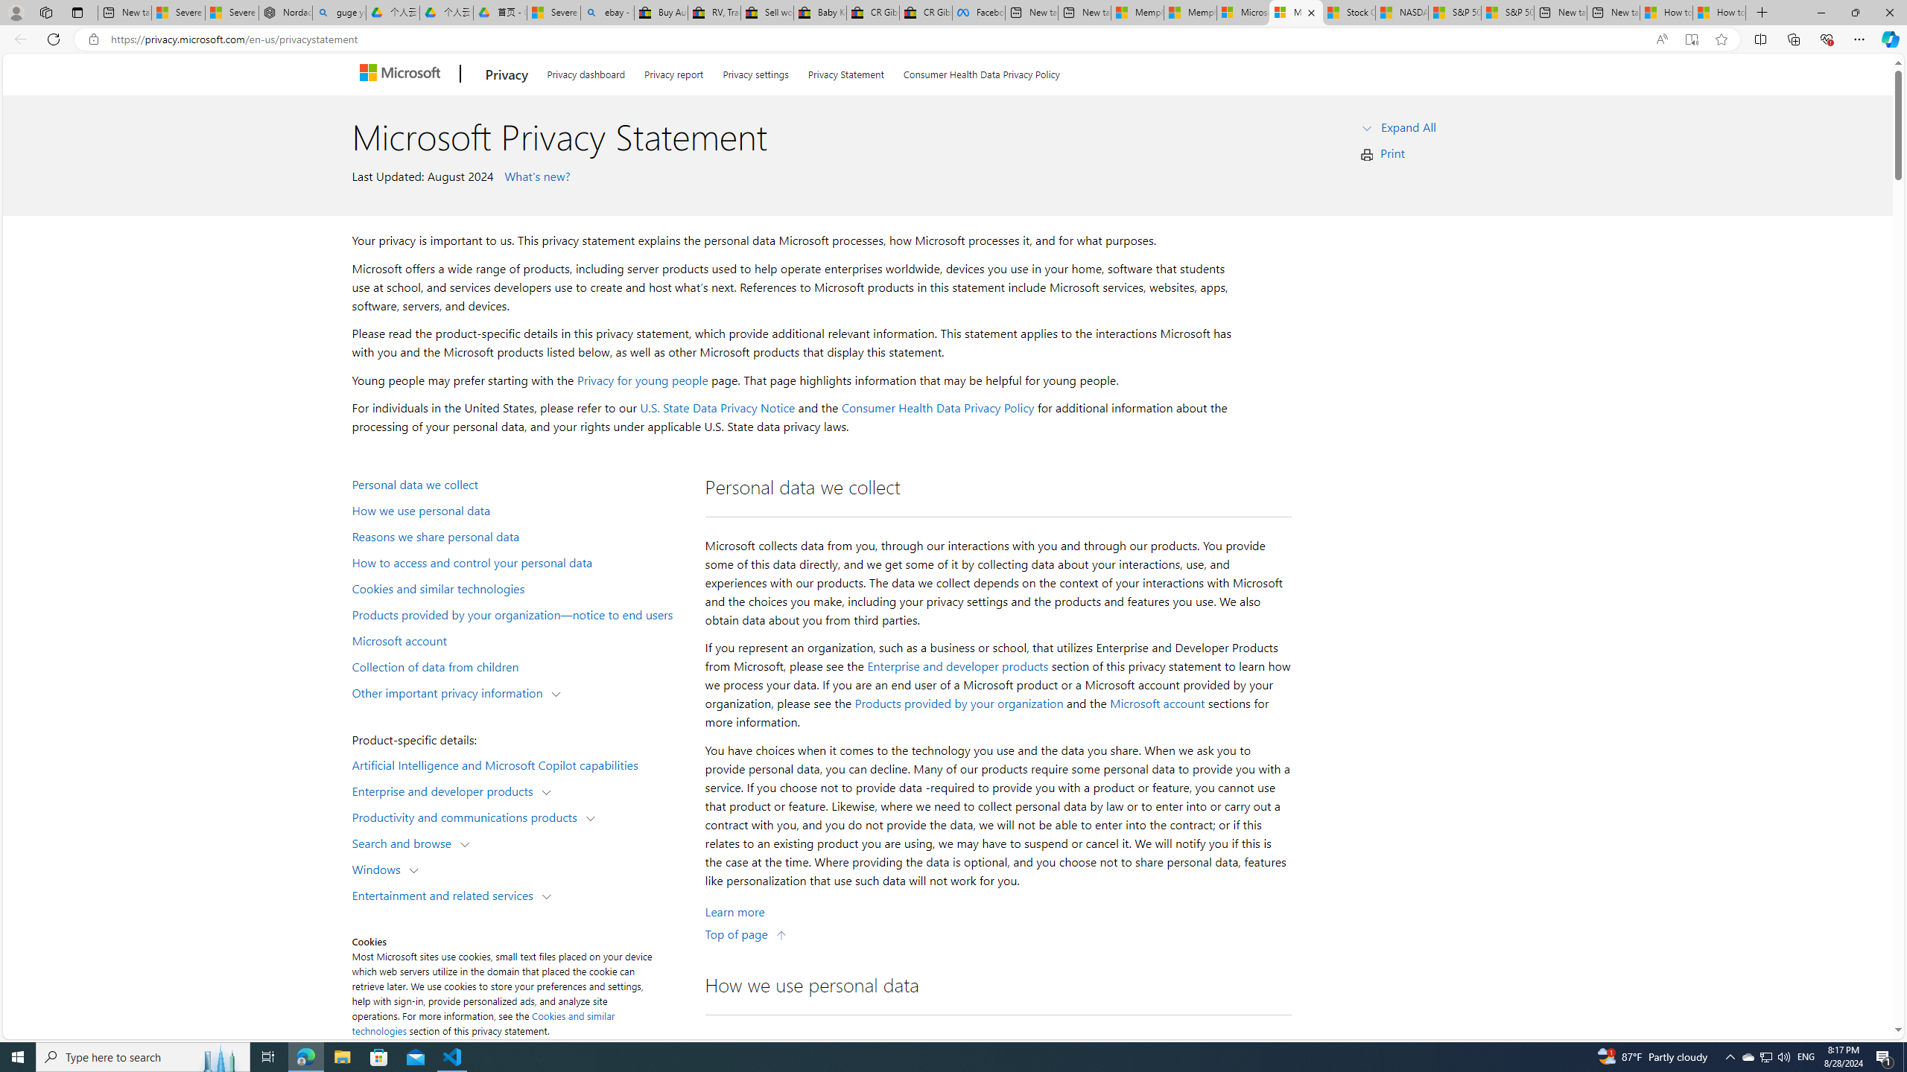 Image resolution: width=1907 pixels, height=1072 pixels. I want to click on 'guge yunpan - Search', so click(338, 12).